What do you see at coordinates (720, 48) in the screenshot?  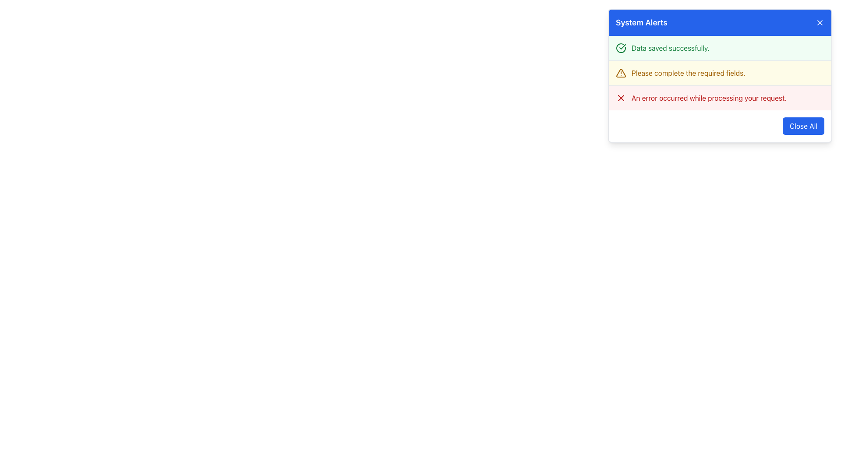 I see `message in the notification banner that indicates 'Data saved successfully.'` at bounding box center [720, 48].